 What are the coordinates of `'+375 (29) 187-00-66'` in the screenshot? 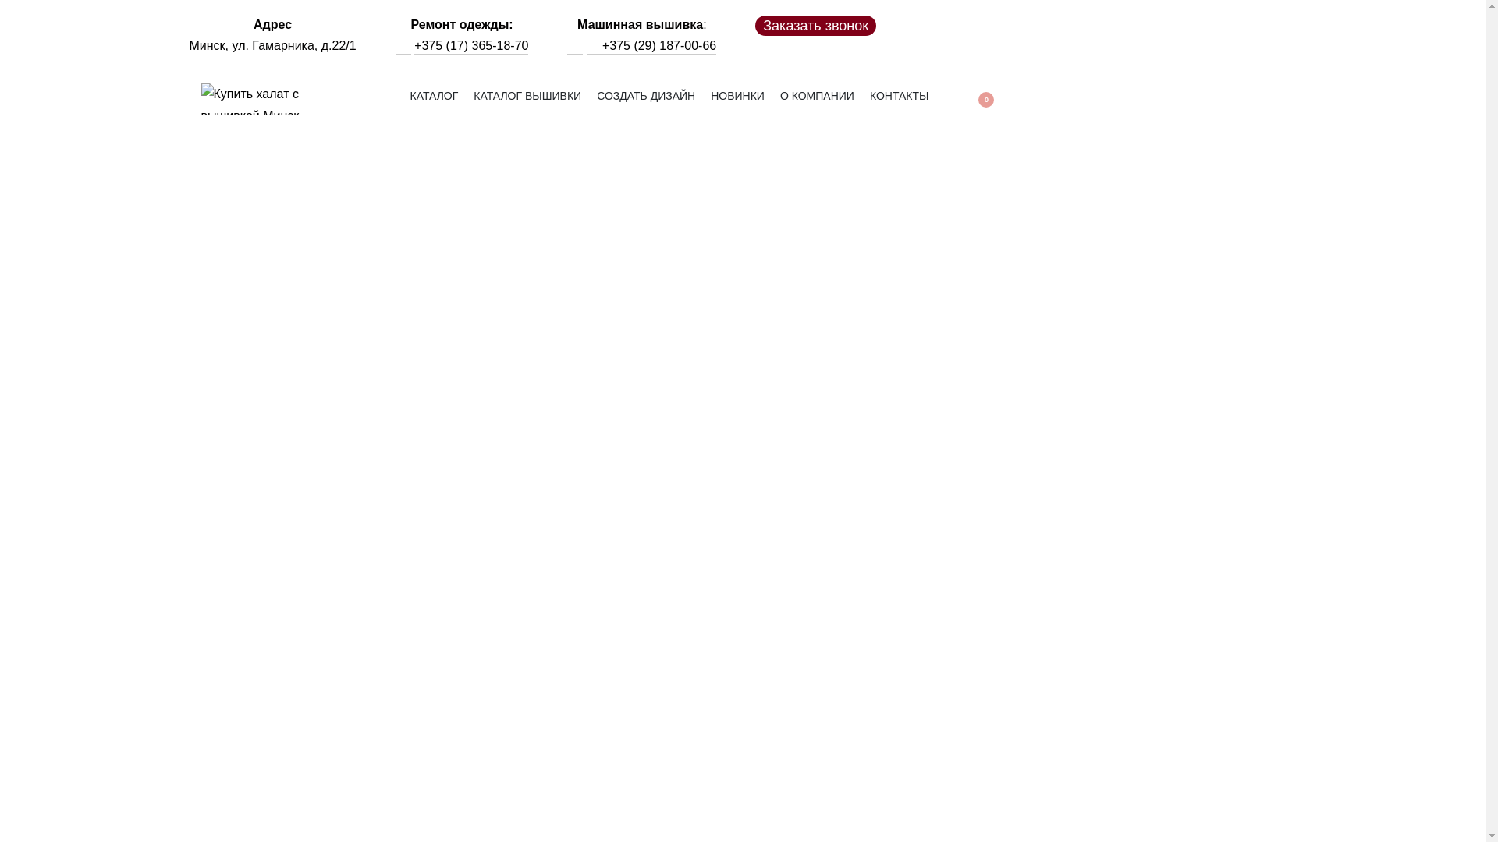 It's located at (658, 44).